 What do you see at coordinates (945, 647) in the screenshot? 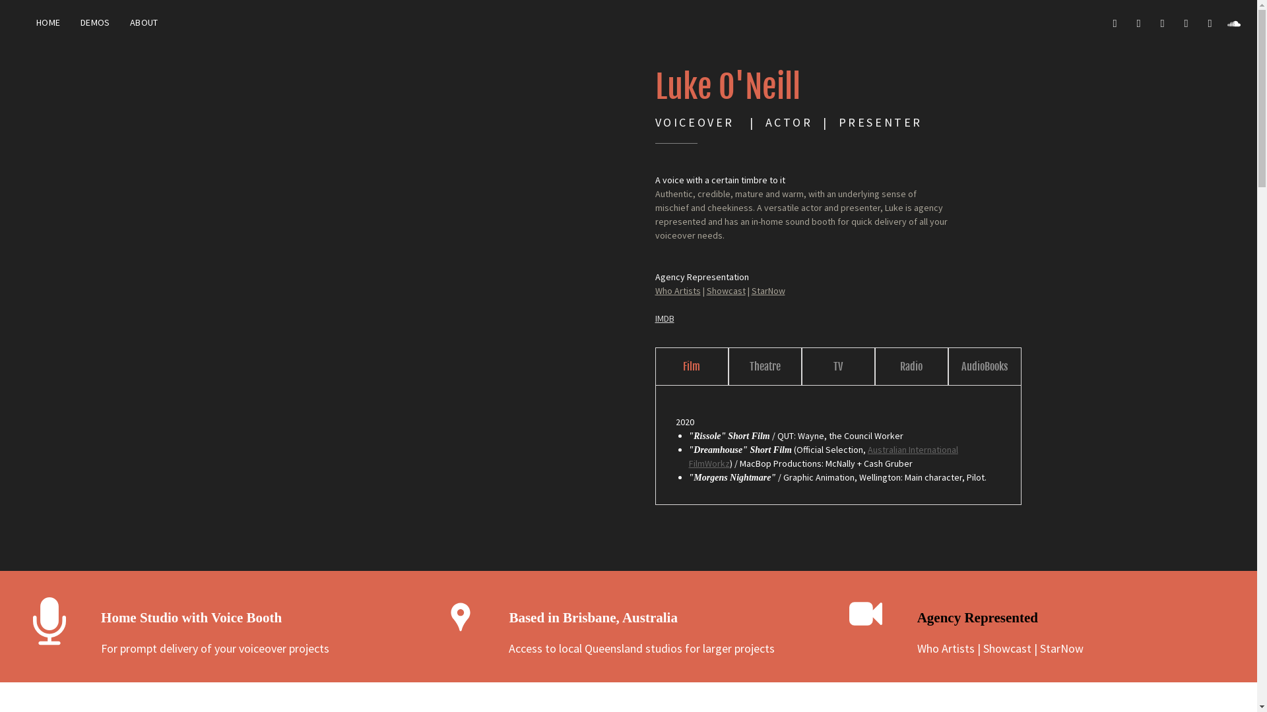
I see `'Who Artists'` at bounding box center [945, 647].